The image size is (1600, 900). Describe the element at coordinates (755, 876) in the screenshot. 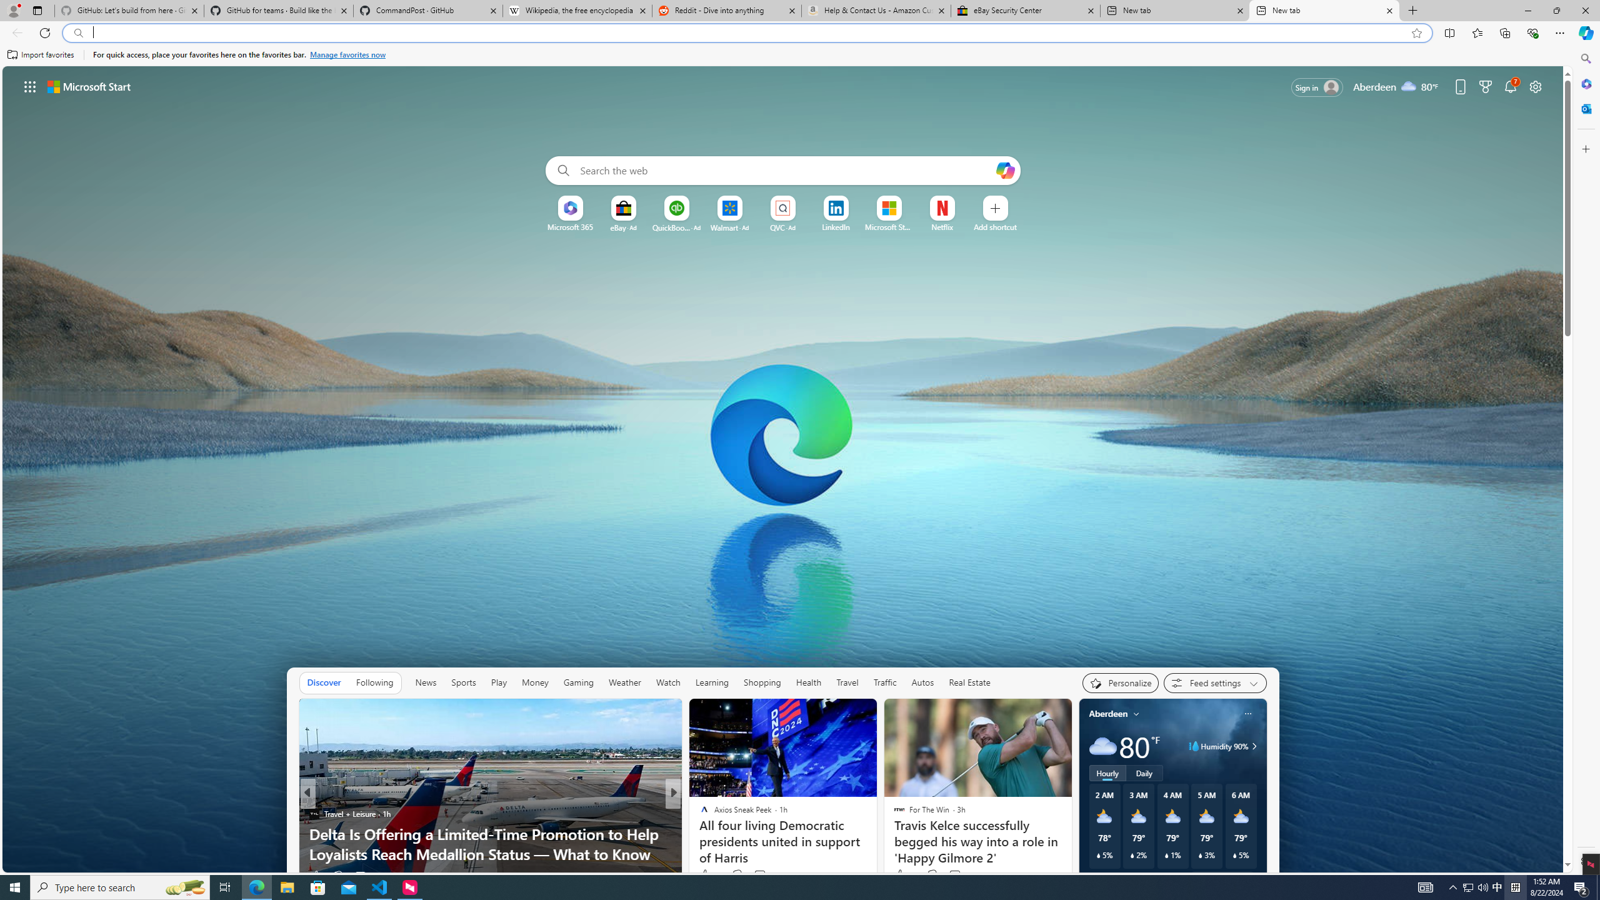

I see `'View comments 4 Comment'` at that location.